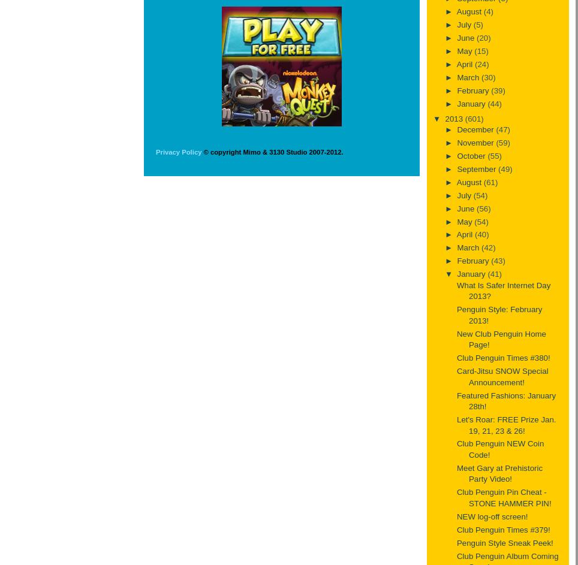  Describe the element at coordinates (503, 497) in the screenshot. I see `'Club Penguin Pin Cheat - STONE HAMMER PIN!'` at that location.